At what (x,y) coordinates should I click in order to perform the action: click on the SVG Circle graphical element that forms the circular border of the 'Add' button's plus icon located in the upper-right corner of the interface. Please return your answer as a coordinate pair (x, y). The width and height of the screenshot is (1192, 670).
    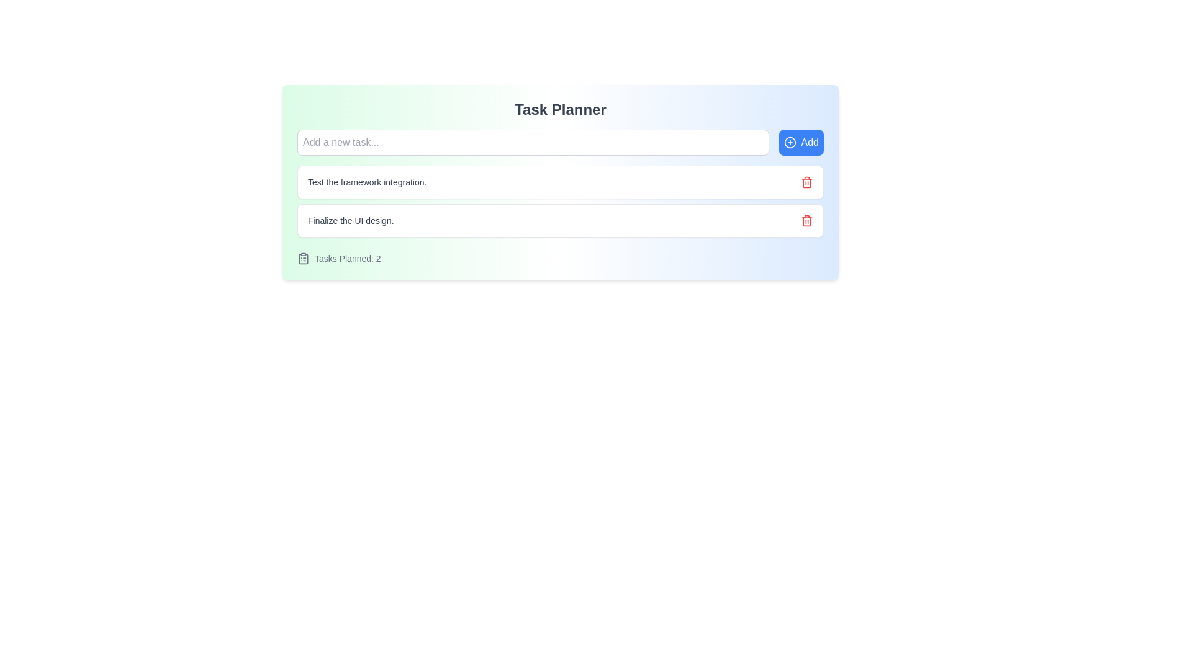
    Looking at the image, I should click on (789, 142).